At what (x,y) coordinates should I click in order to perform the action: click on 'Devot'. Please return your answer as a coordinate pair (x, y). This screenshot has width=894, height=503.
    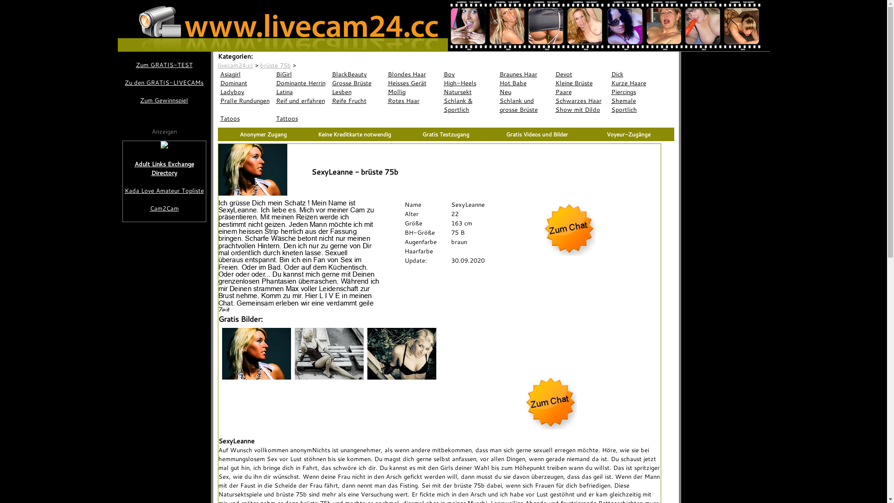
    Looking at the image, I should click on (581, 74).